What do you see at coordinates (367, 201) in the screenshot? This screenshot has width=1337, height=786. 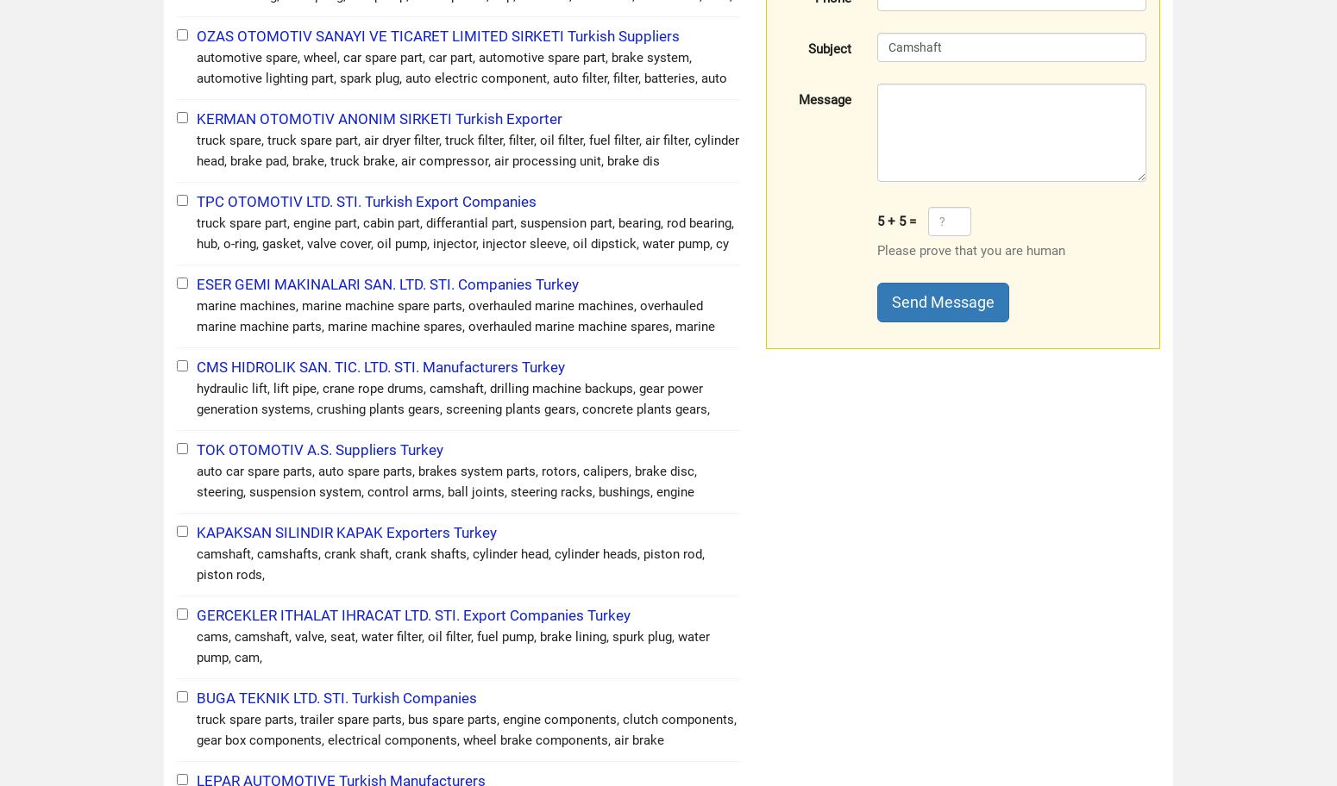 I see `'TPC OTOMOTIV LTD. STI. Turkish Export Companies'` at bounding box center [367, 201].